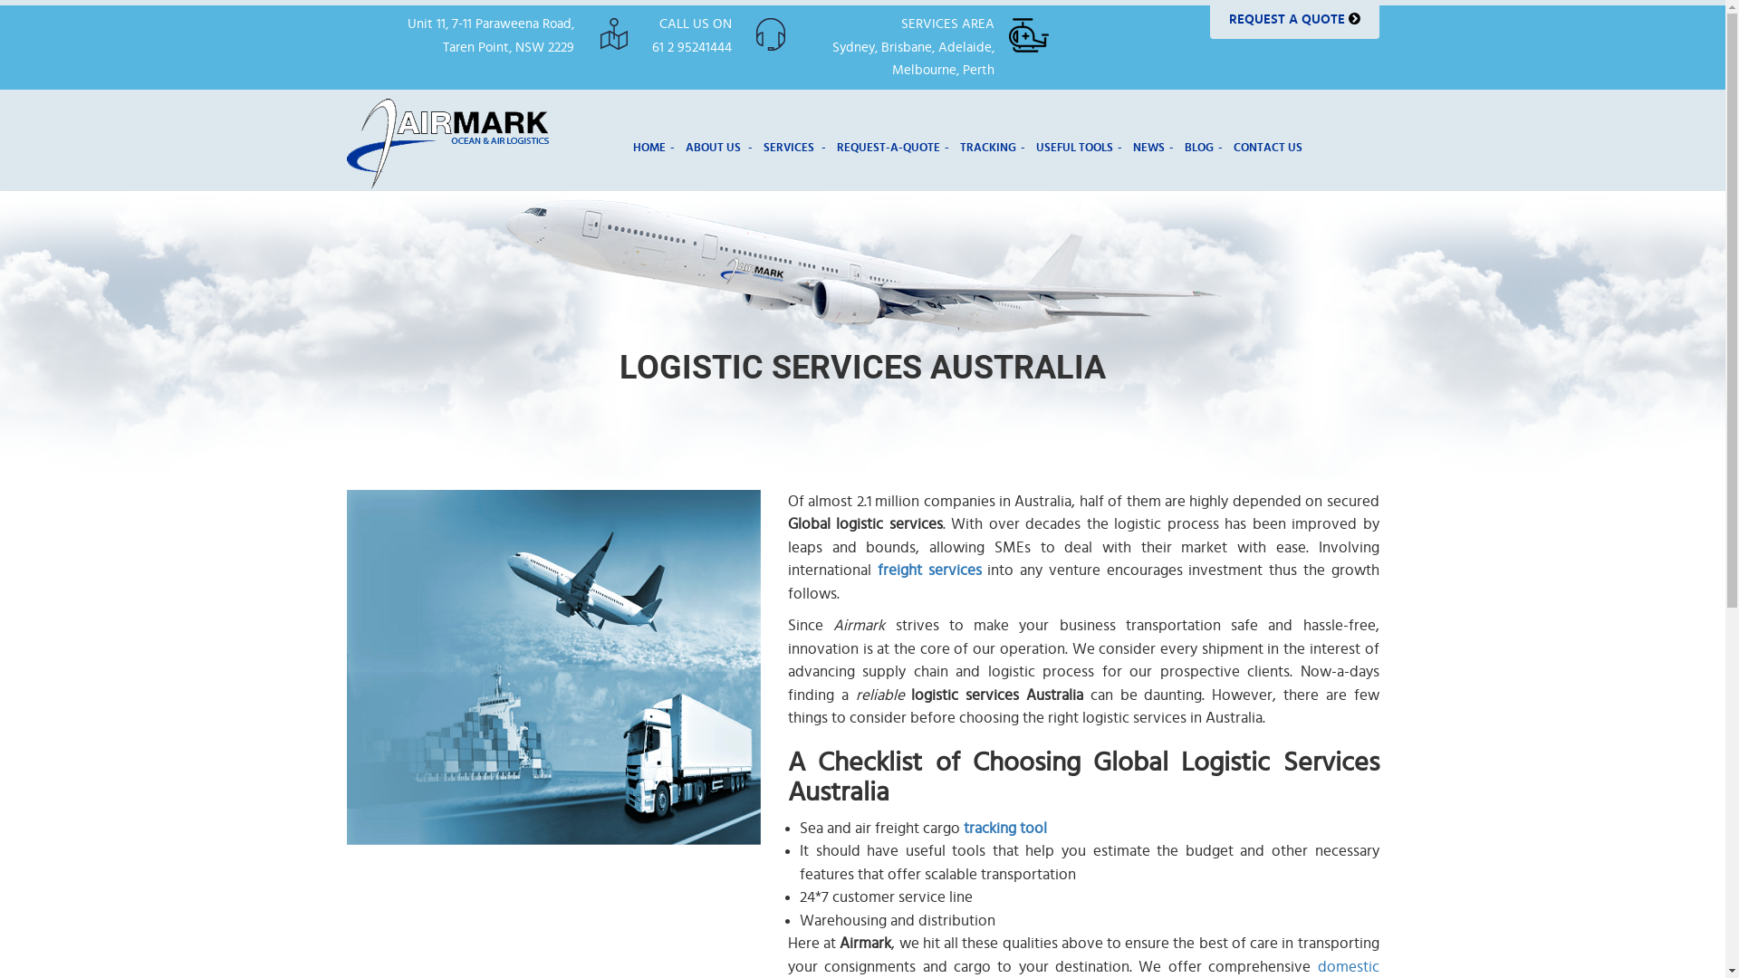 Image resolution: width=1739 pixels, height=978 pixels. Describe the element at coordinates (690, 45) in the screenshot. I see `'61 2 95241444'` at that location.